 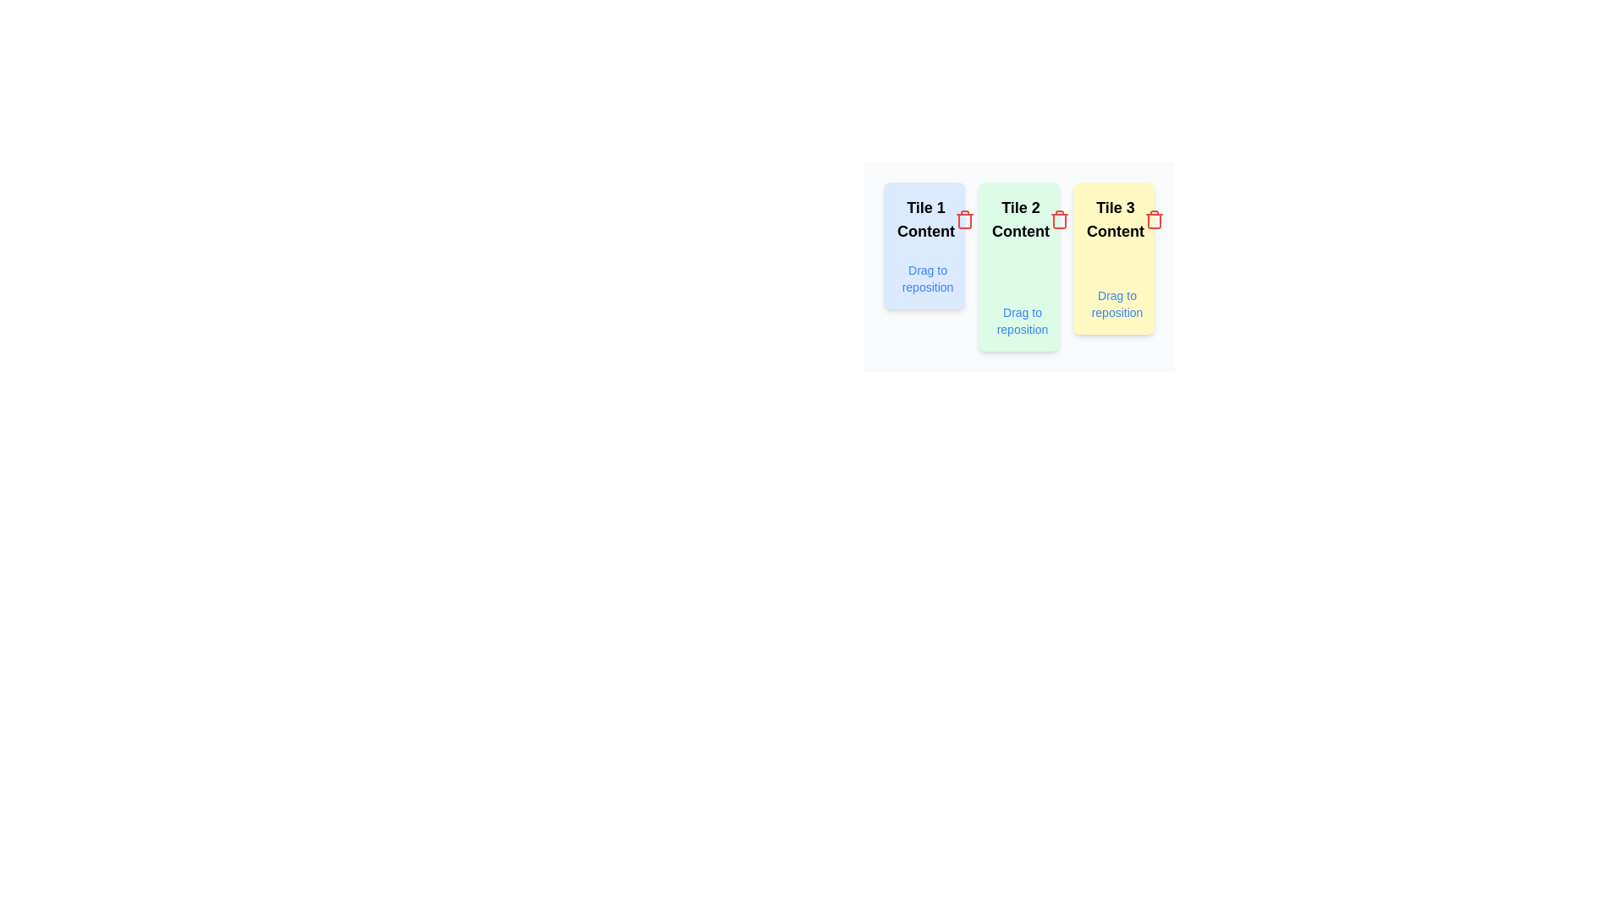 What do you see at coordinates (1018, 321) in the screenshot?
I see `the interactive draggable text labeled 'Drag to reposition' with an associated icon` at bounding box center [1018, 321].